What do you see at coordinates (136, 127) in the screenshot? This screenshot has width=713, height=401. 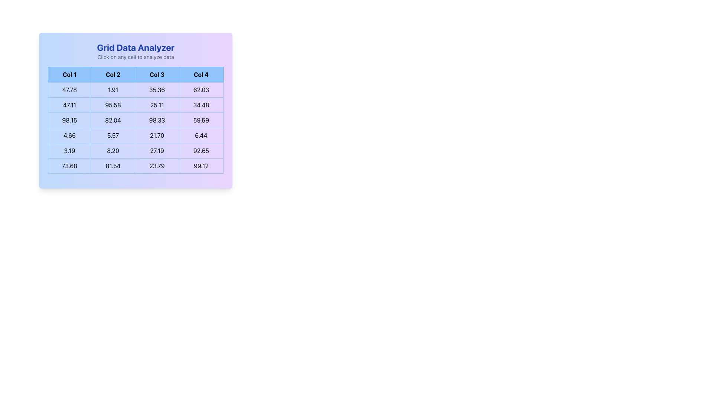 I see `the table cell located in the third row and third column` at bounding box center [136, 127].